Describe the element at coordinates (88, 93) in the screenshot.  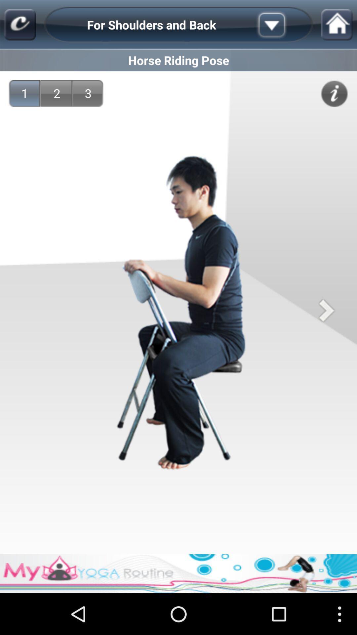
I see `the 3 item` at that location.